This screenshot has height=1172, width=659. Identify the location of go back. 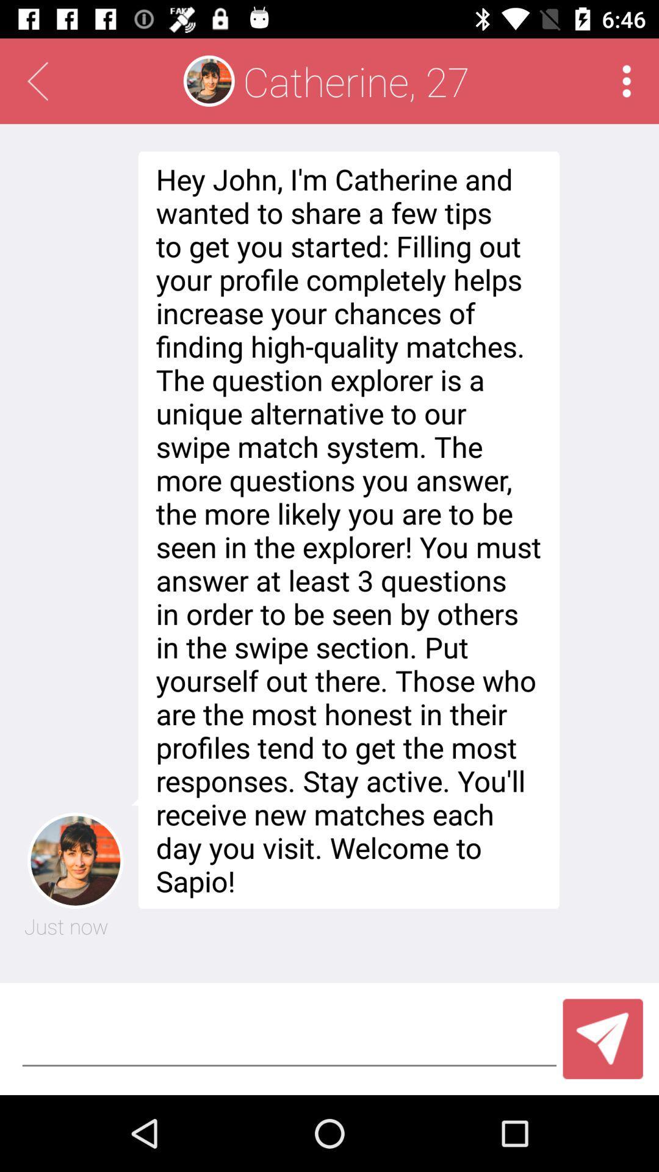
(37, 81).